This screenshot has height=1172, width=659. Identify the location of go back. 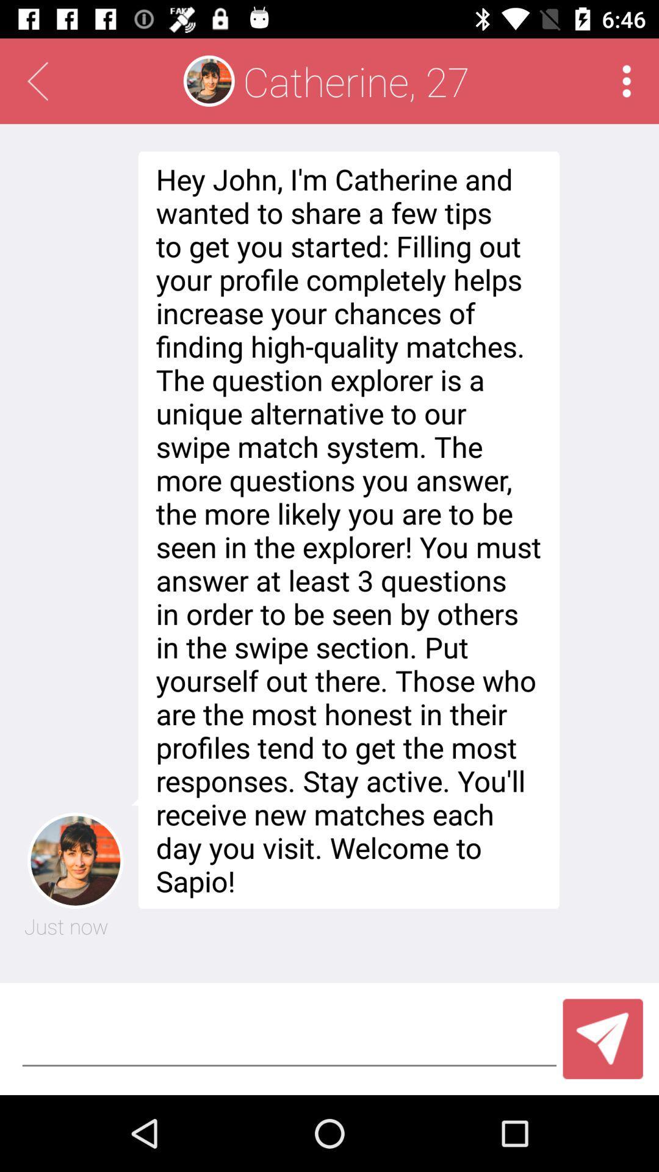
(37, 81).